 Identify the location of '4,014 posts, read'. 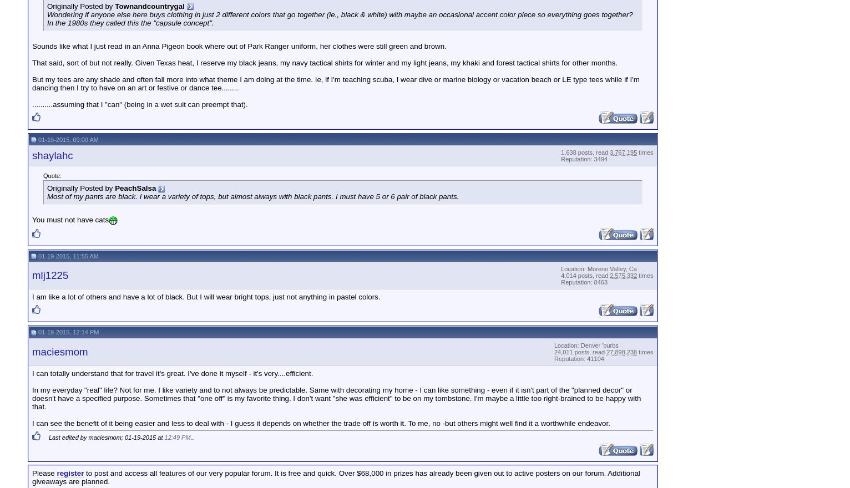
(560, 276).